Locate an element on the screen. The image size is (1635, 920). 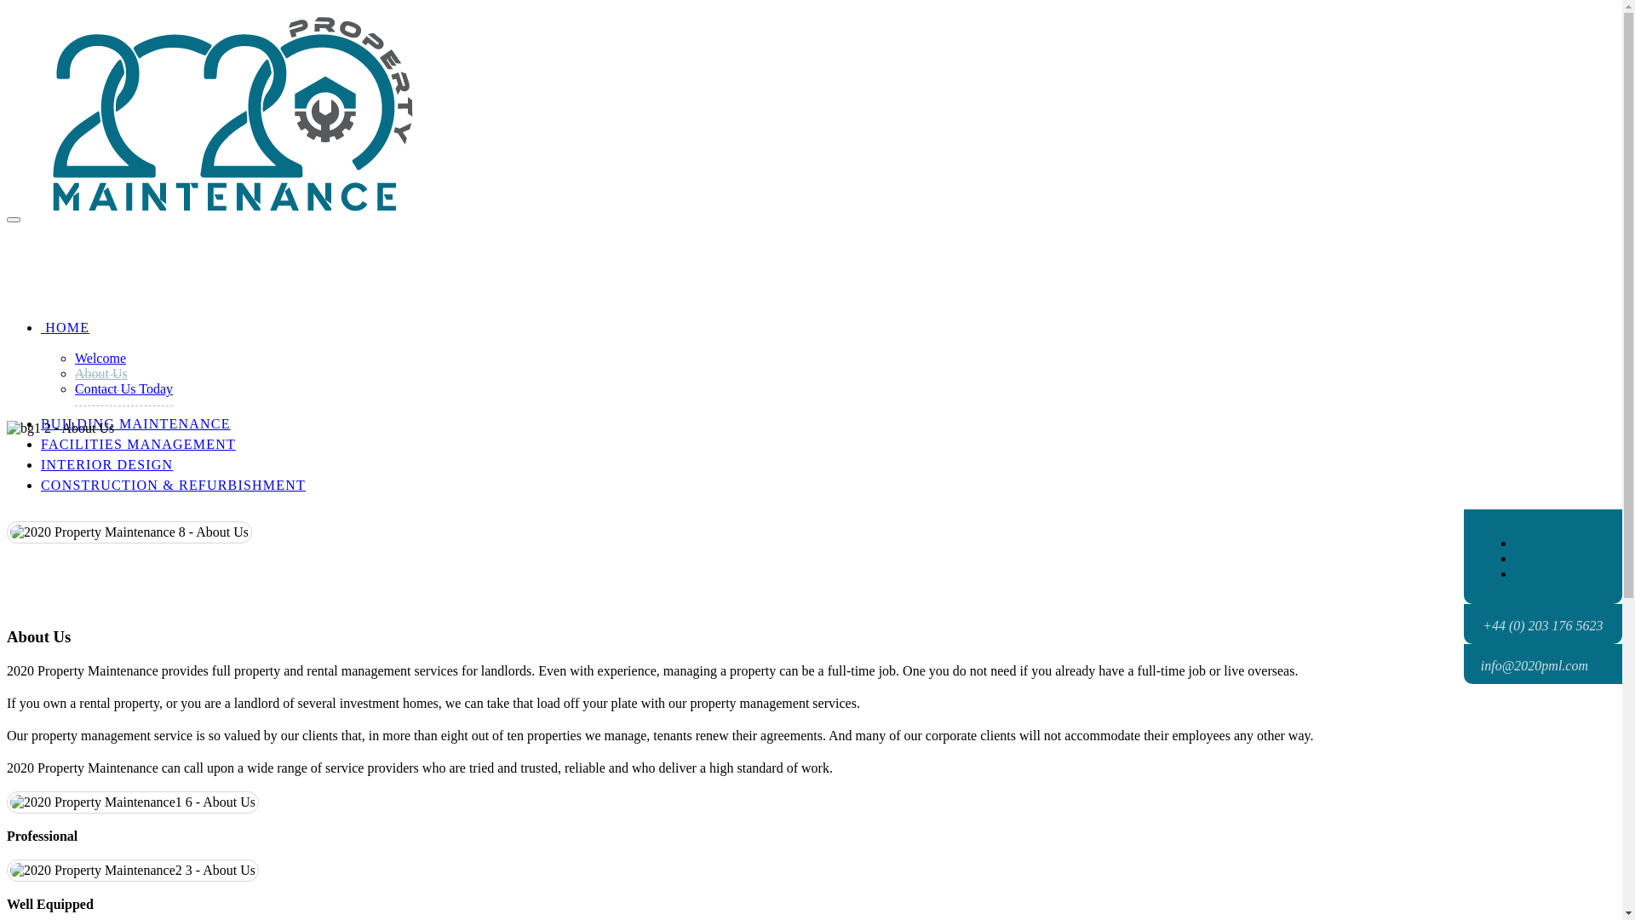
'Contact Us Today' is located at coordinates (123, 388).